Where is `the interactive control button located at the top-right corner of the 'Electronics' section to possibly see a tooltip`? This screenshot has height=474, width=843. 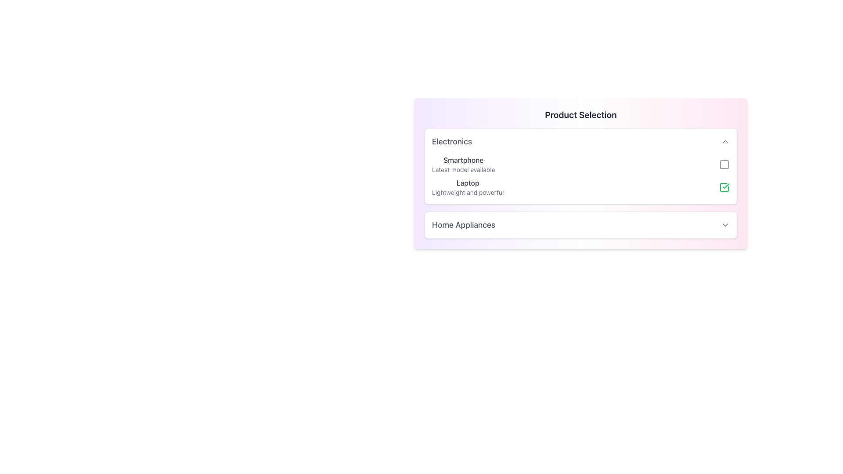 the interactive control button located at the top-right corner of the 'Electronics' section to possibly see a tooltip is located at coordinates (725, 141).